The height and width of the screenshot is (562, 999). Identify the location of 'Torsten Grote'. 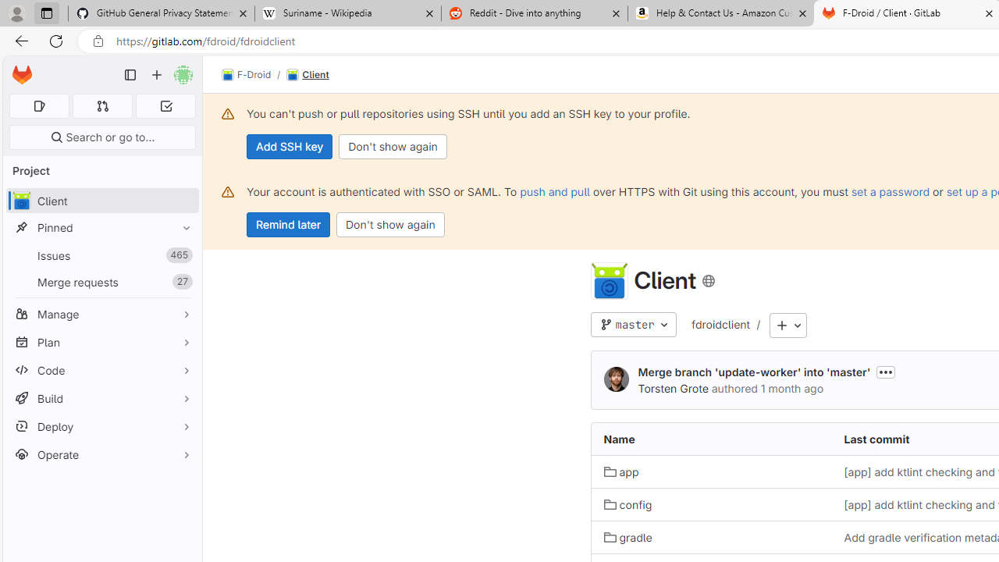
(615, 379).